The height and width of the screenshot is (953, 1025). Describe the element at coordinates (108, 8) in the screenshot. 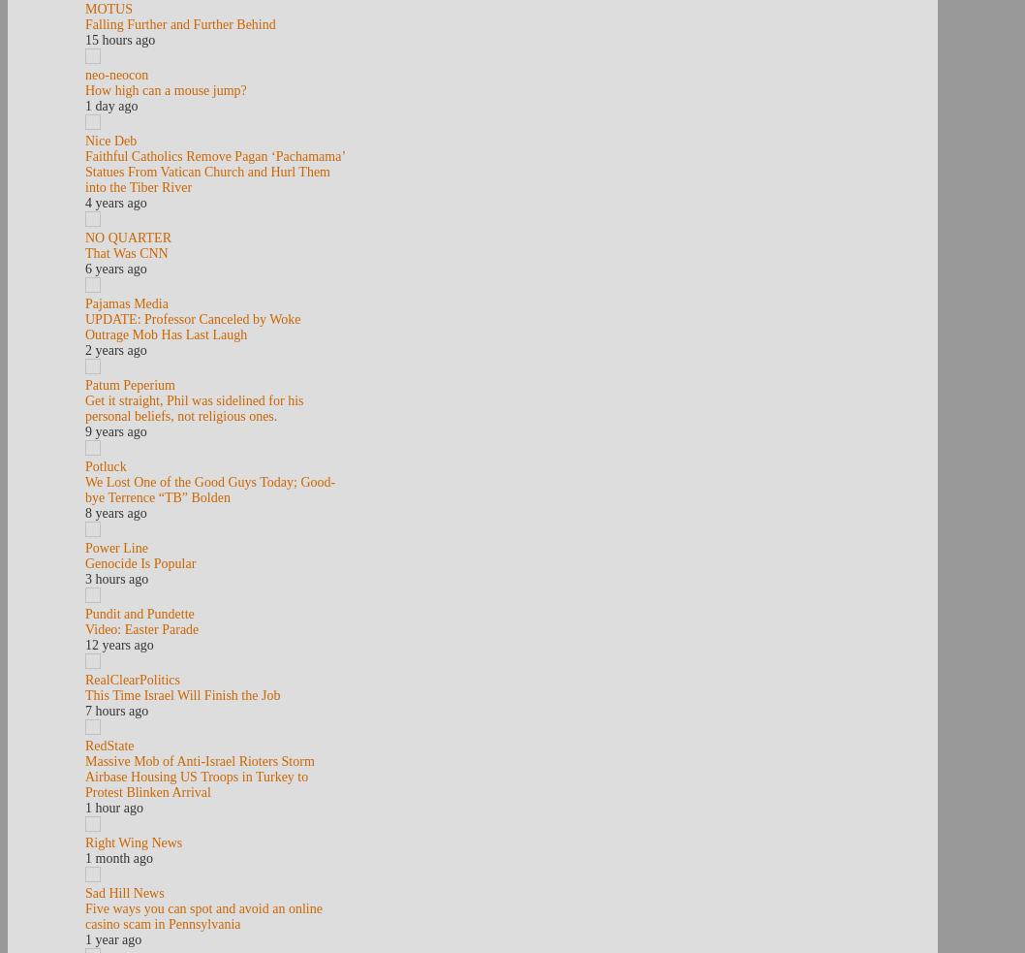

I see `'MOTUS'` at that location.